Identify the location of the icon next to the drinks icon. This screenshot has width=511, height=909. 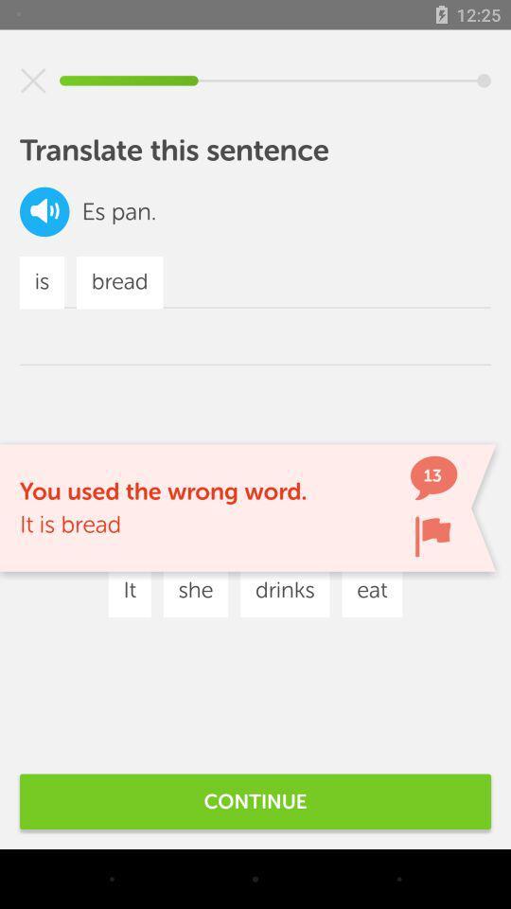
(177, 534).